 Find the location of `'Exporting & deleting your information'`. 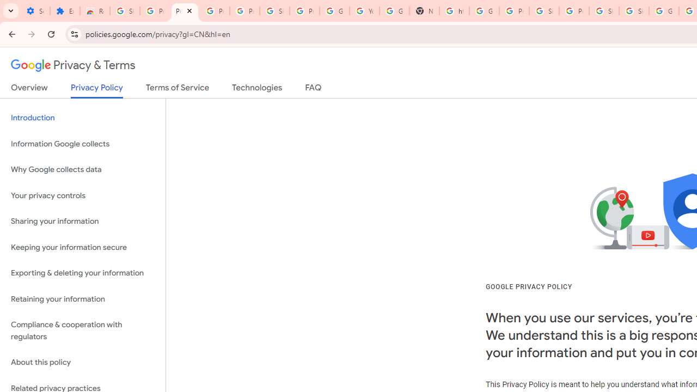

'Exporting & deleting your information' is located at coordinates (82, 273).